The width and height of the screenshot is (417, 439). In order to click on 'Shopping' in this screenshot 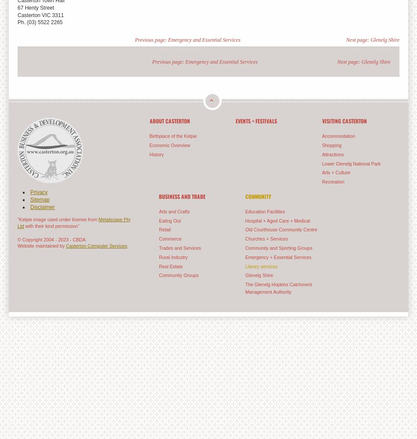, I will do `click(331, 144)`.